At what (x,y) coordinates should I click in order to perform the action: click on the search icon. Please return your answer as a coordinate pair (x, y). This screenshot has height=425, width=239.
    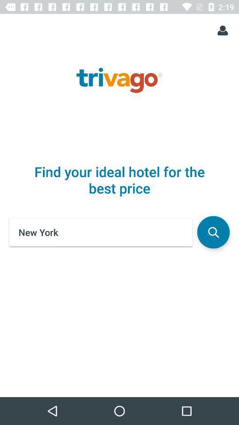
    Looking at the image, I should click on (213, 232).